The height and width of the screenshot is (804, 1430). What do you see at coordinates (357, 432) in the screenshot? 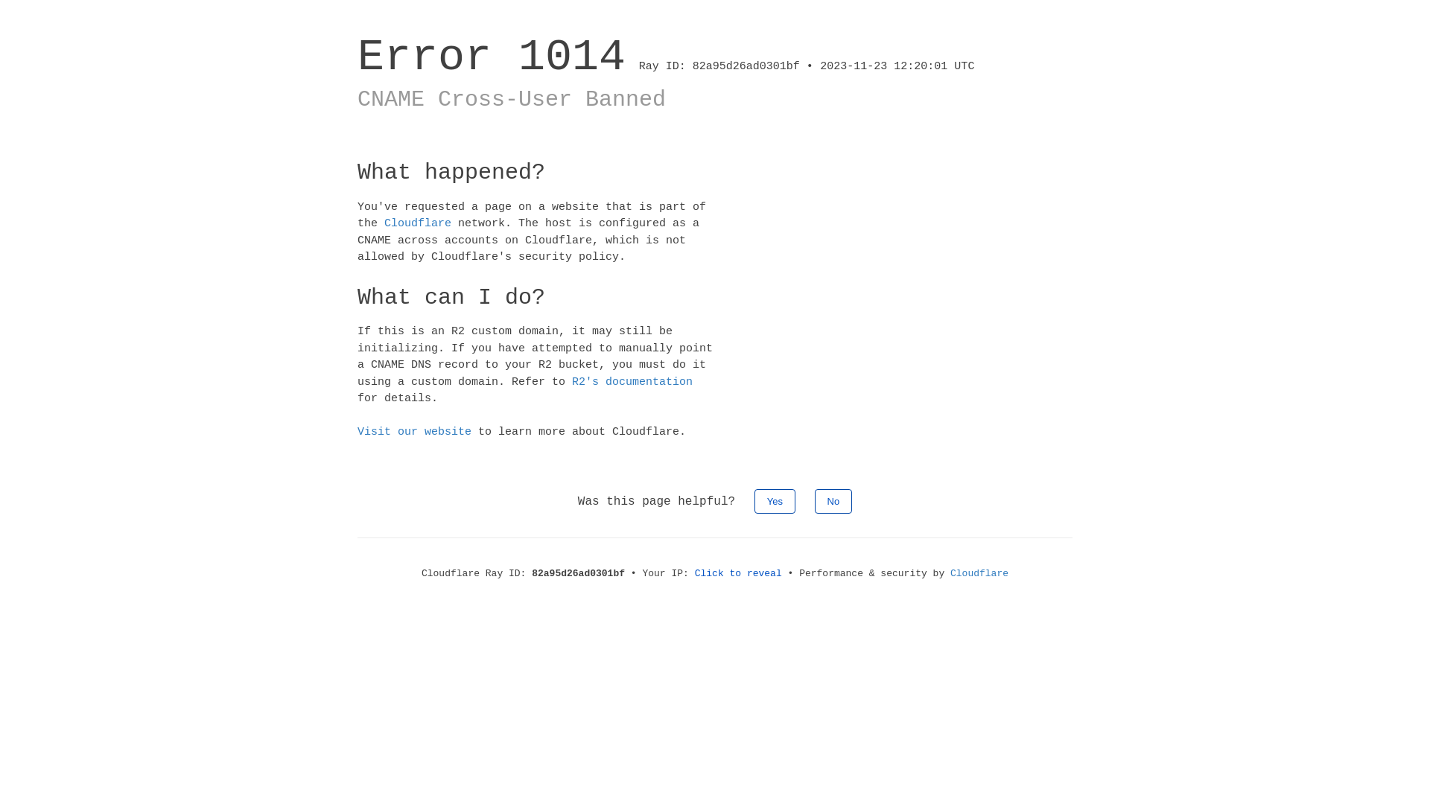
I see `'Visit our website'` at bounding box center [357, 432].